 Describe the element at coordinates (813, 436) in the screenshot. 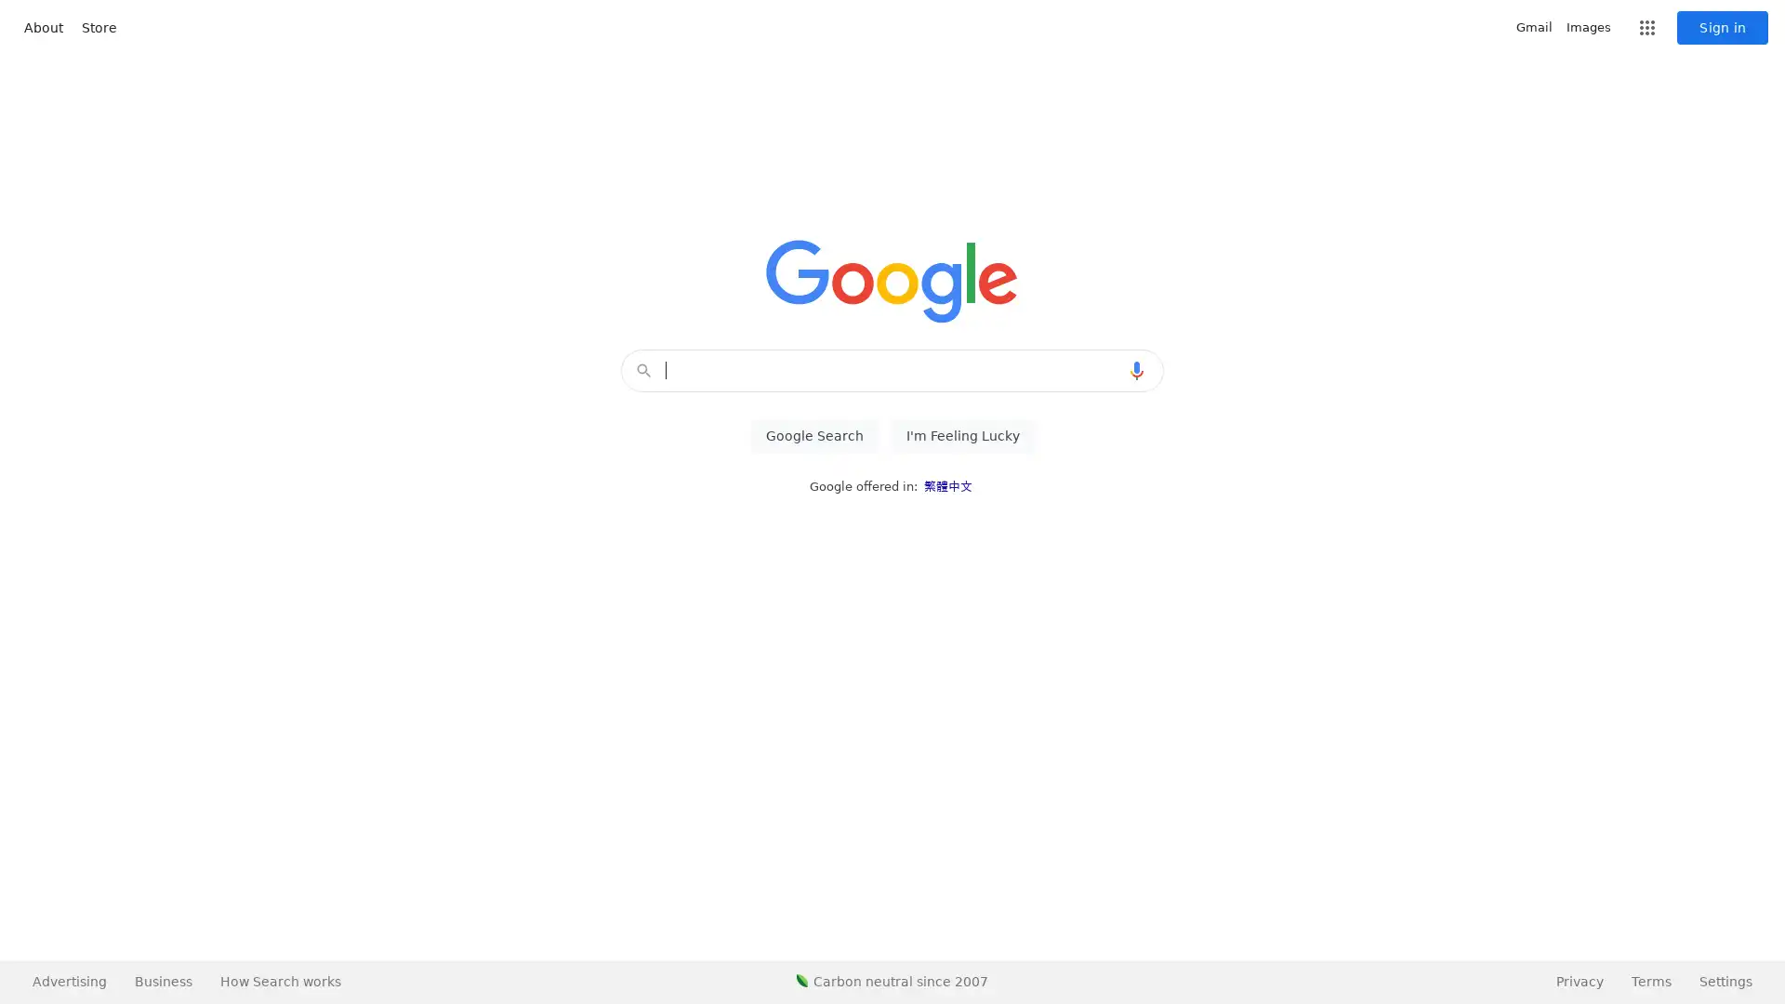

I see `Google Search` at that location.